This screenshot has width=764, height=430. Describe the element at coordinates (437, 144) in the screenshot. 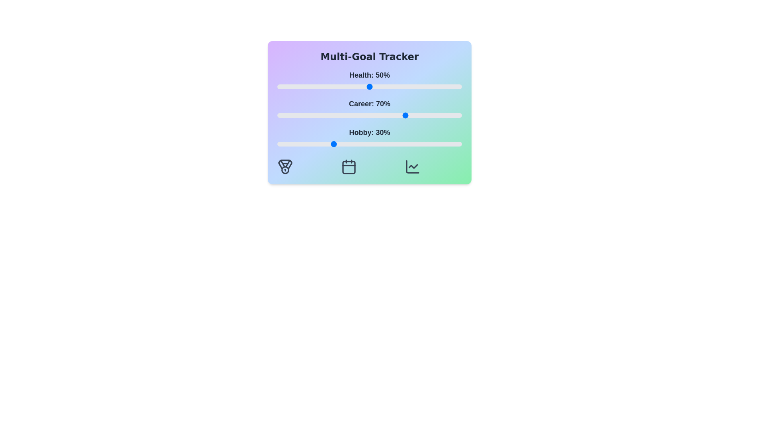

I see `the 'Hobby' slider to 87%` at that location.